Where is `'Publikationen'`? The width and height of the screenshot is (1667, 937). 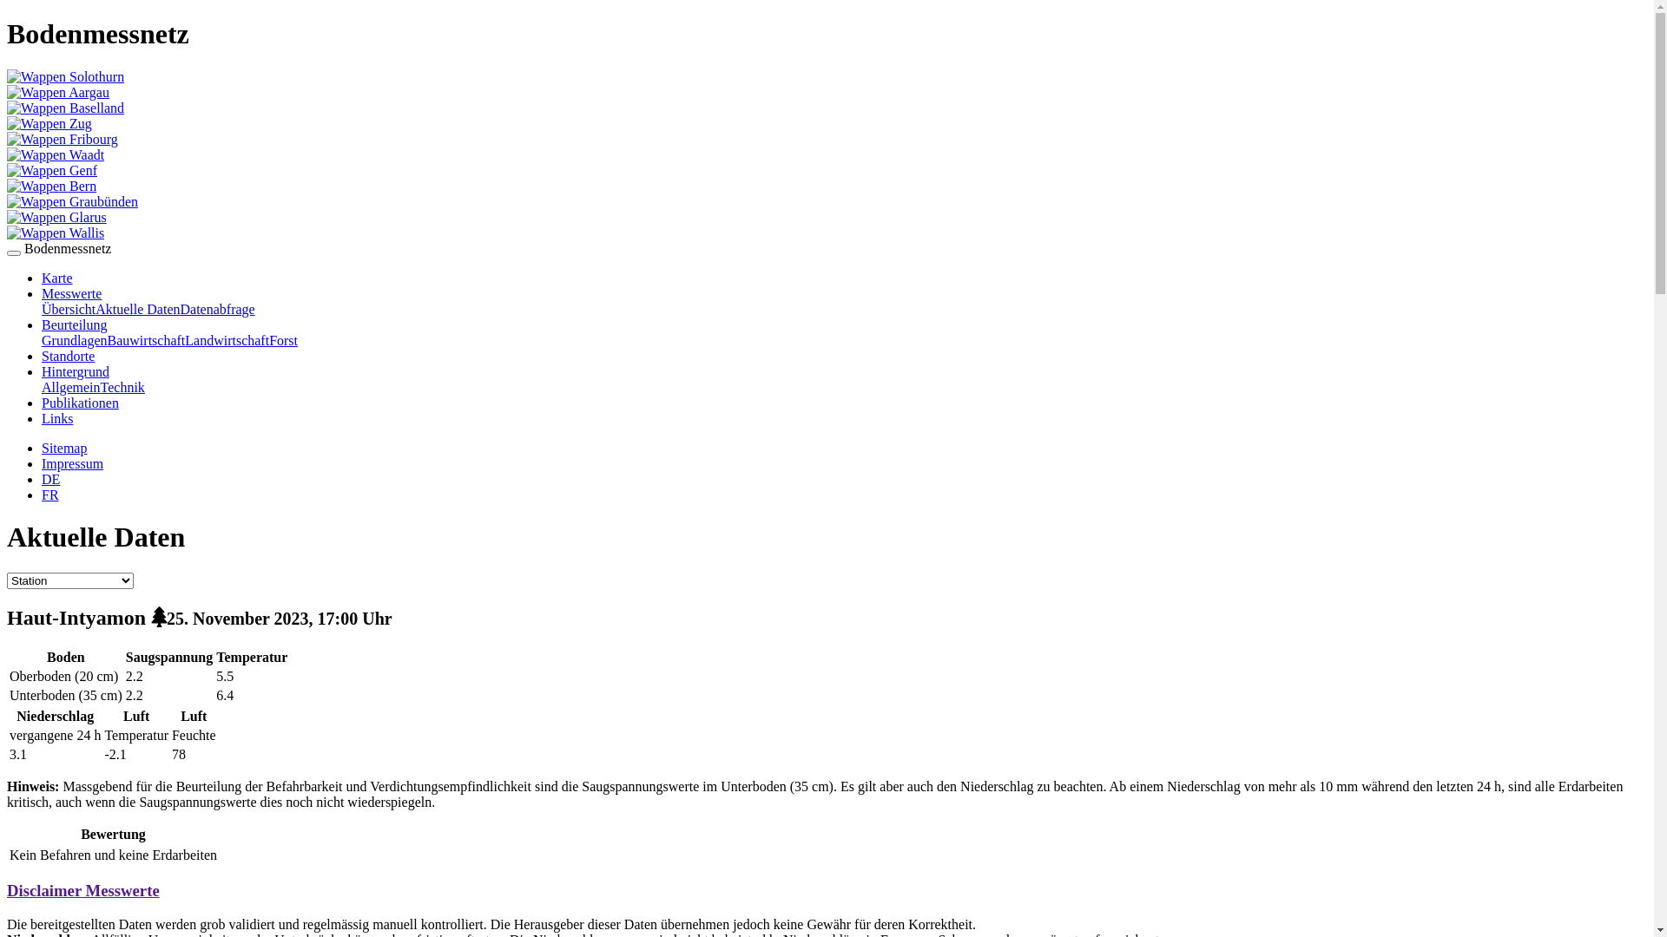 'Publikationen' is located at coordinates (42, 403).